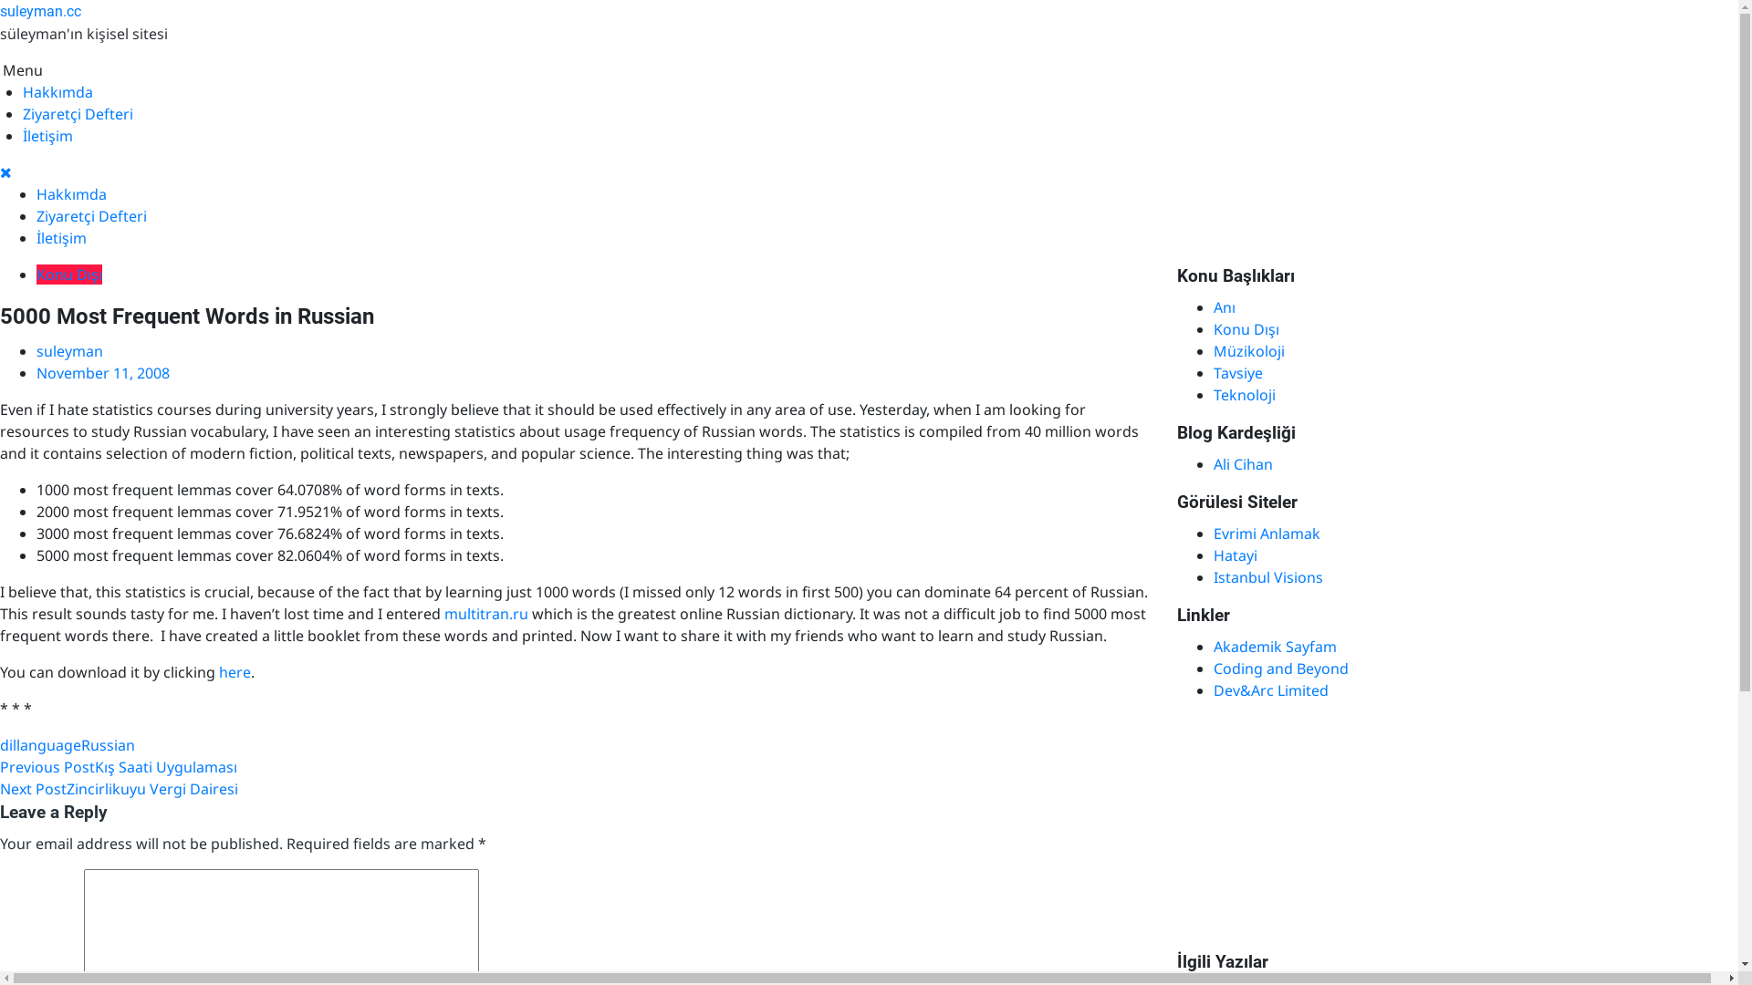 The width and height of the screenshot is (1752, 985). I want to click on 'language', so click(48, 745).